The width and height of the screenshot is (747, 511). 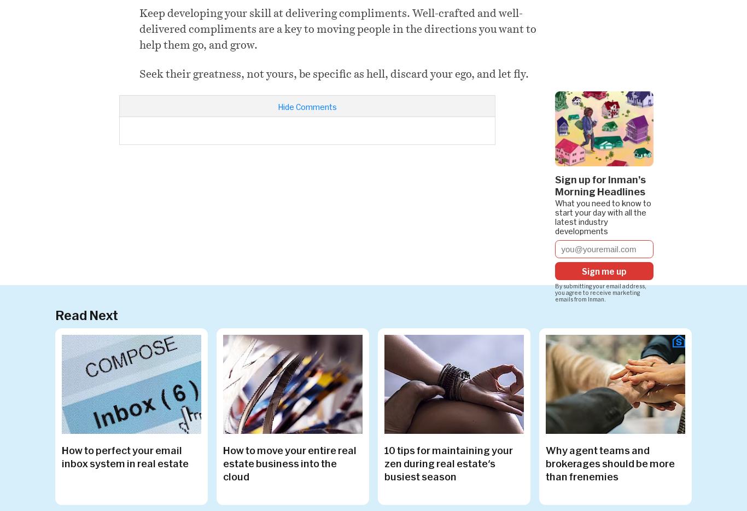 I want to click on 'By submitting your email address, you agree to receive marketing emails from Inman.', so click(x=600, y=292).